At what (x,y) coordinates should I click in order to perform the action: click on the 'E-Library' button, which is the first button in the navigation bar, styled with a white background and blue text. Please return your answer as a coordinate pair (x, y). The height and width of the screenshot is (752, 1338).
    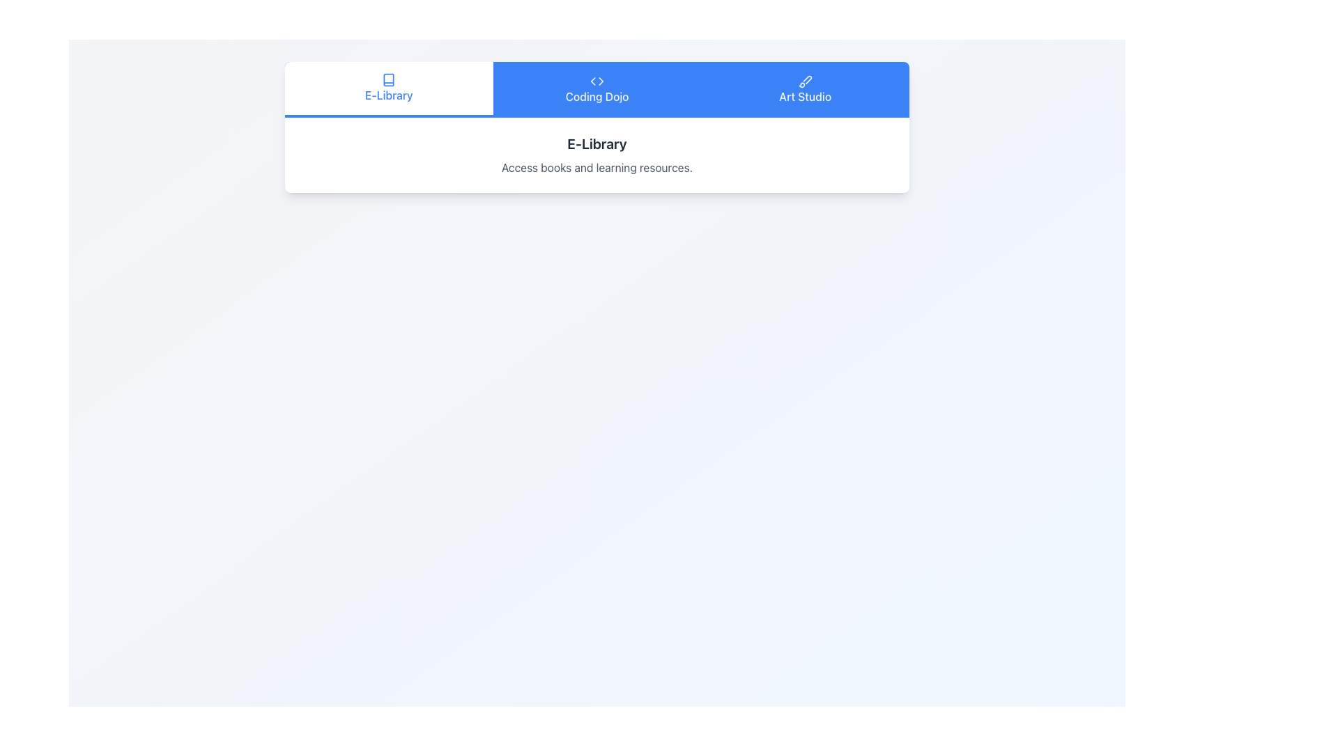
    Looking at the image, I should click on (388, 89).